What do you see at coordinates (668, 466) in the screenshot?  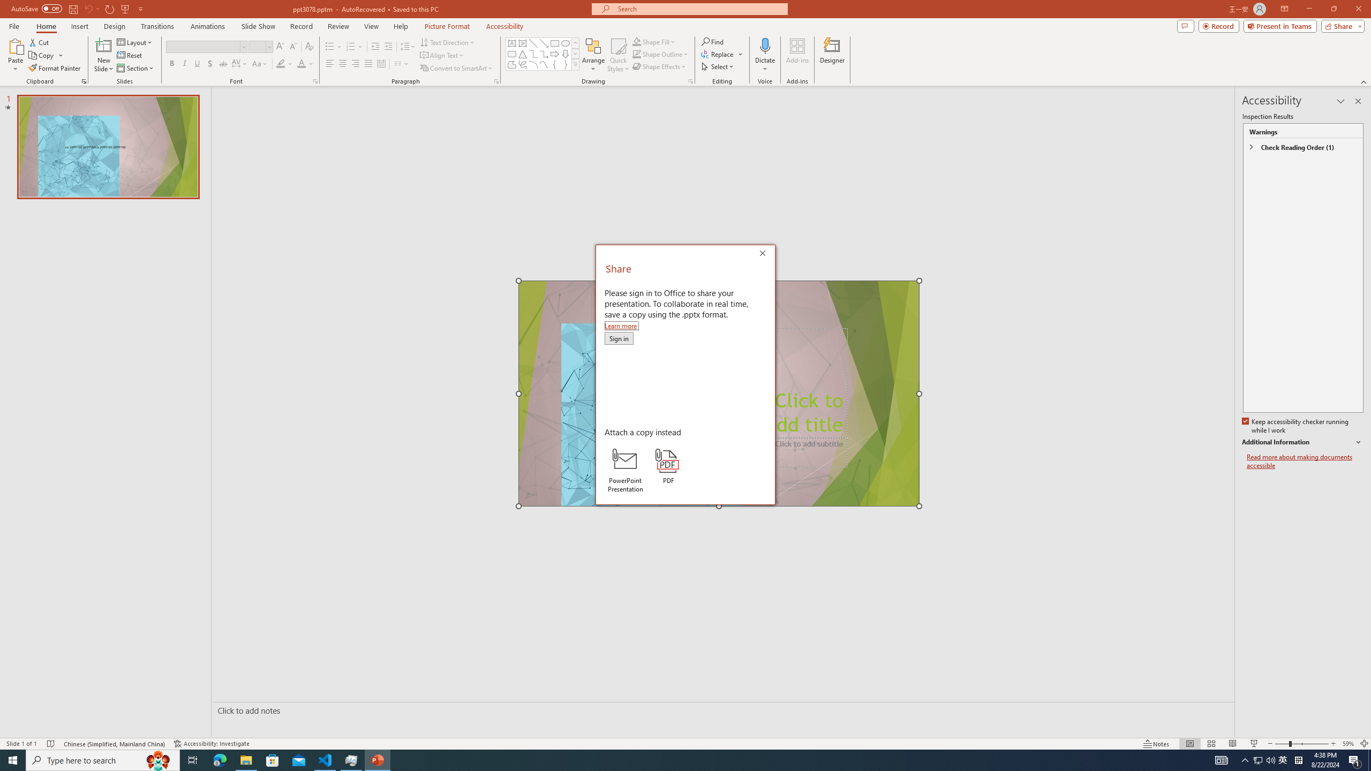 I see `'PDF'` at bounding box center [668, 466].